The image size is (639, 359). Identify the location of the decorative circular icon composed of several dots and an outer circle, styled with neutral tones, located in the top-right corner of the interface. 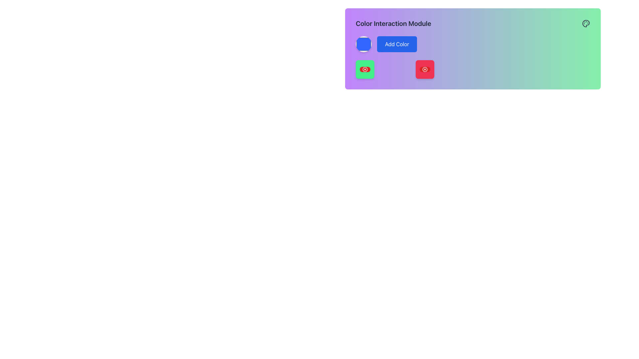
(586, 23).